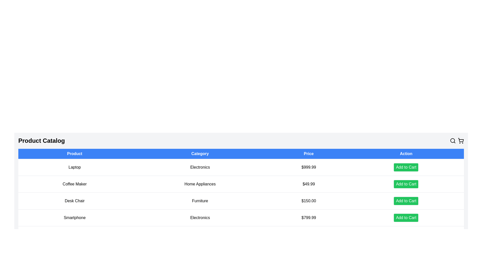 Image resolution: width=482 pixels, height=271 pixels. What do you see at coordinates (241, 184) in the screenshot?
I see `the 'Coffee Maker' table row` at bounding box center [241, 184].